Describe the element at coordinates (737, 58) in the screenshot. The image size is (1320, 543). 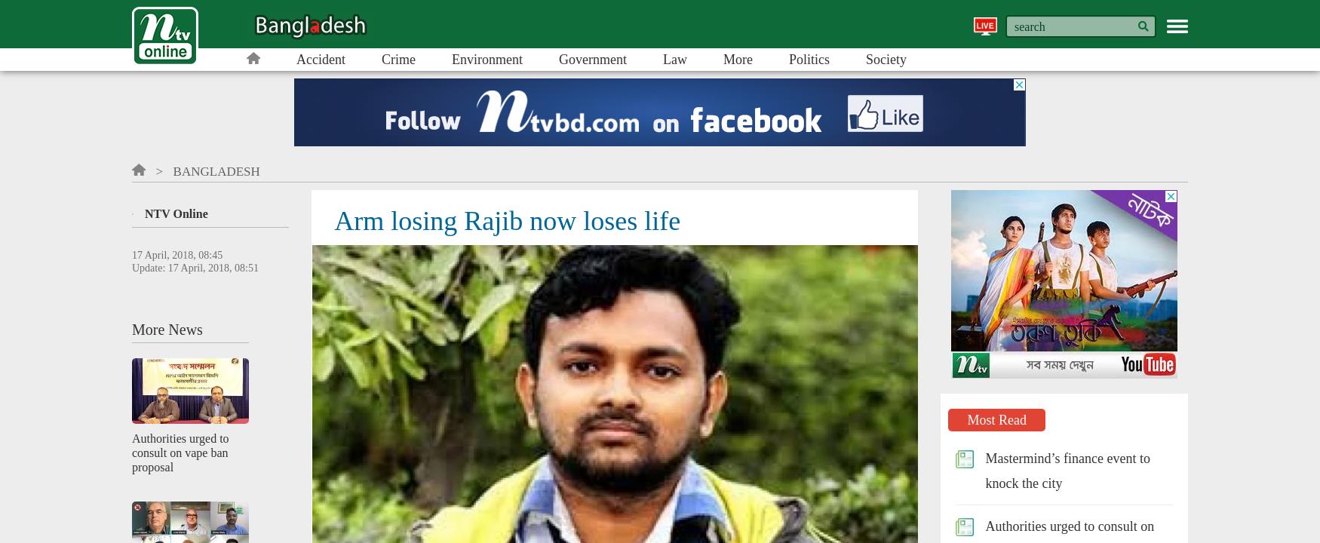
I see `'More'` at that location.